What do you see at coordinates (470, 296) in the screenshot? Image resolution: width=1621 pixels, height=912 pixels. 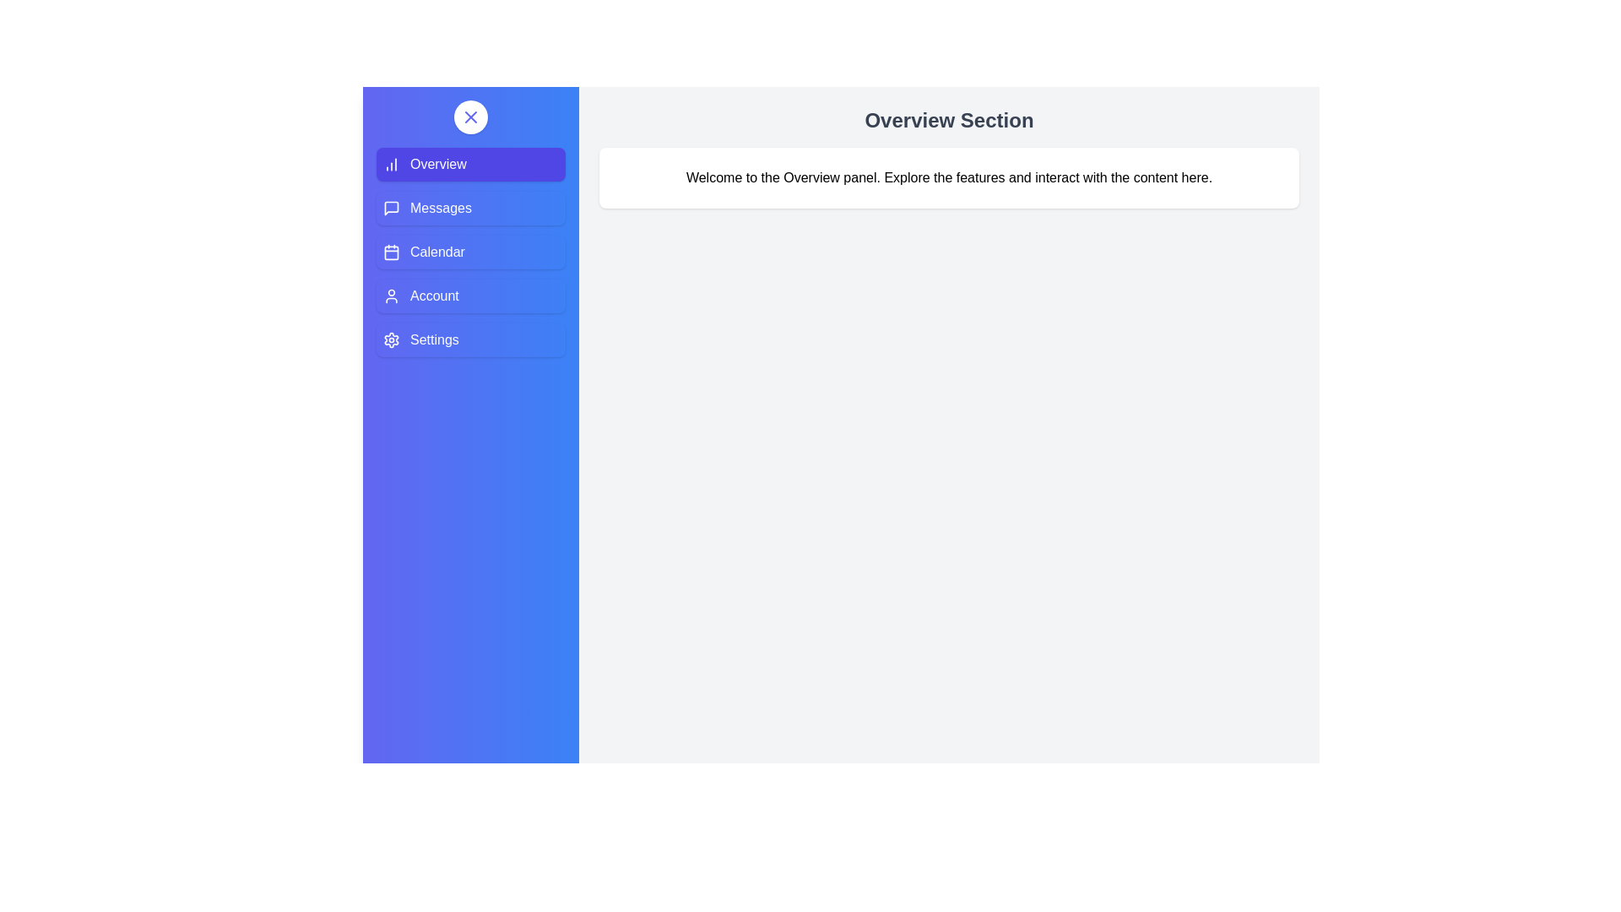 I see `the Account tab from the sidebar` at bounding box center [470, 296].